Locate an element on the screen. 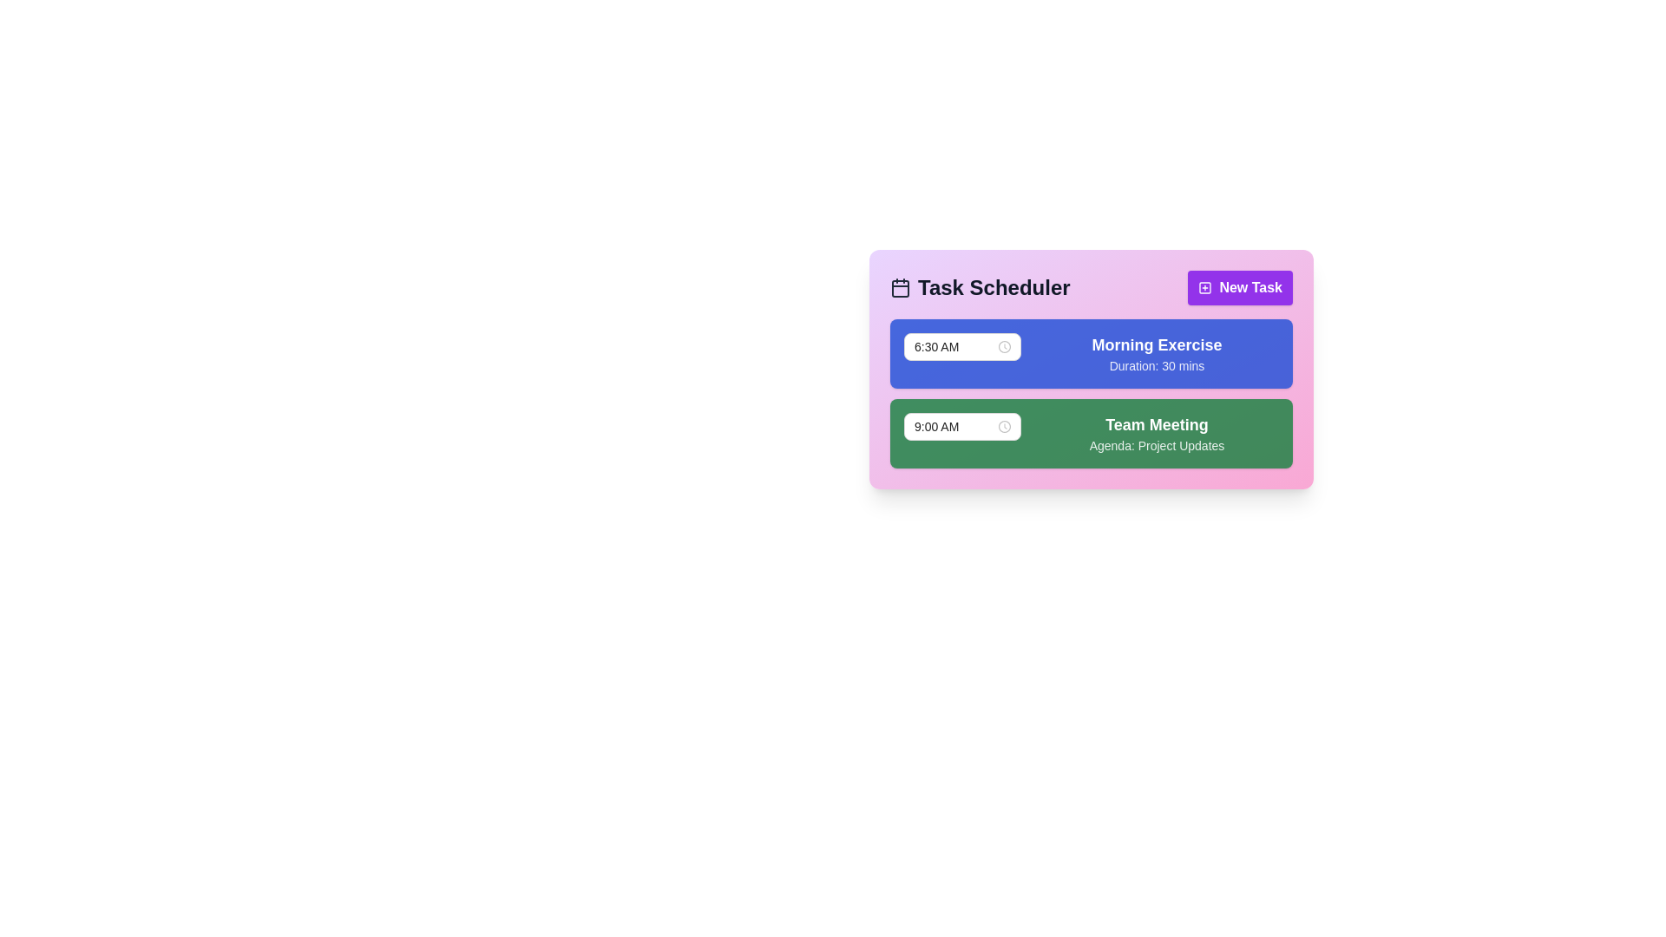 The width and height of the screenshot is (1666, 937). the button located in the upper-right corner of the 'Task Scheduler' card interface to observe a color change is located at coordinates (1239, 286).